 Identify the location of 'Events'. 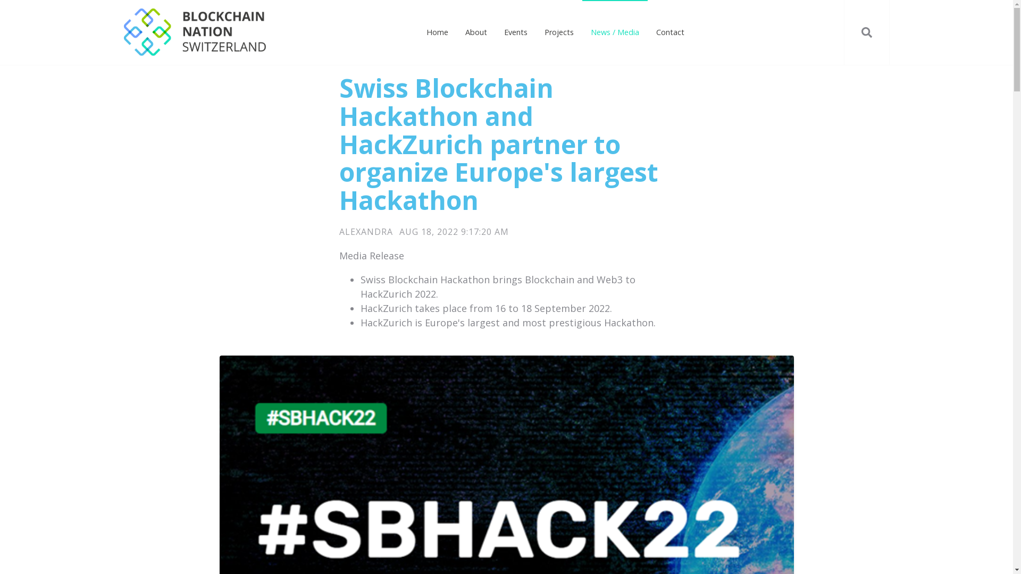
(515, 32).